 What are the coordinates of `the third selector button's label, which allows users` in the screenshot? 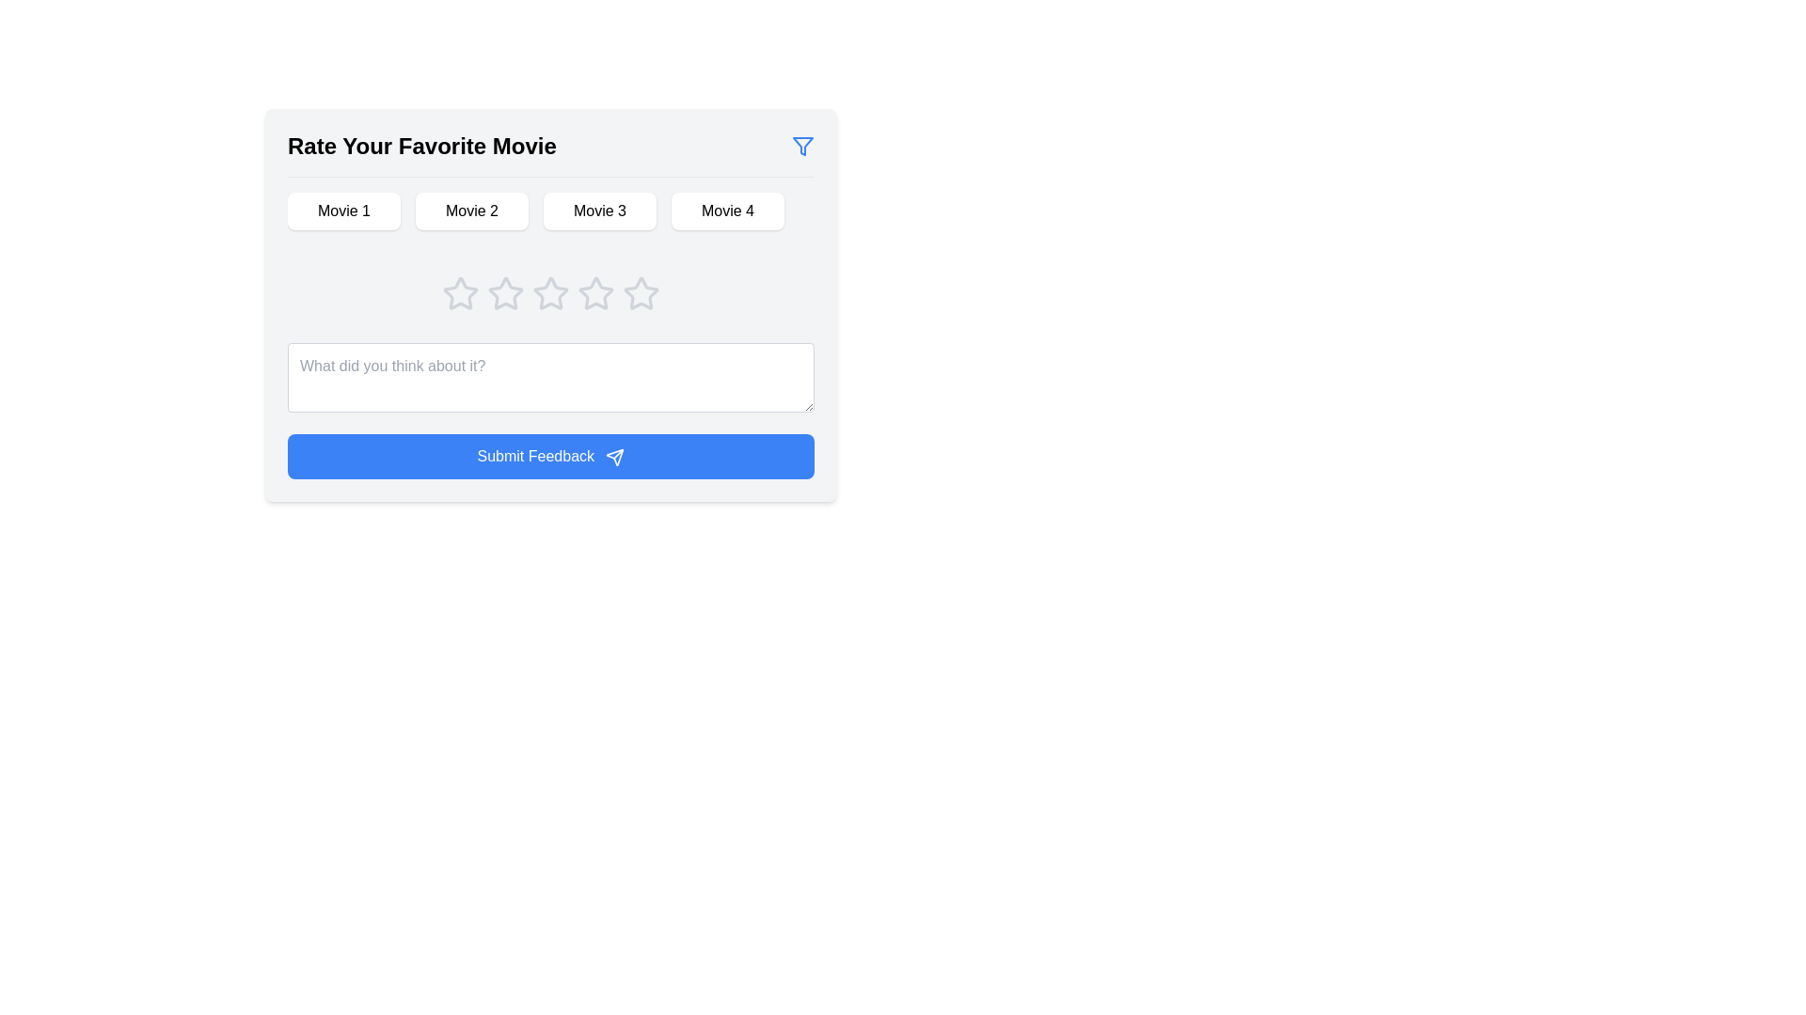 It's located at (599, 211).